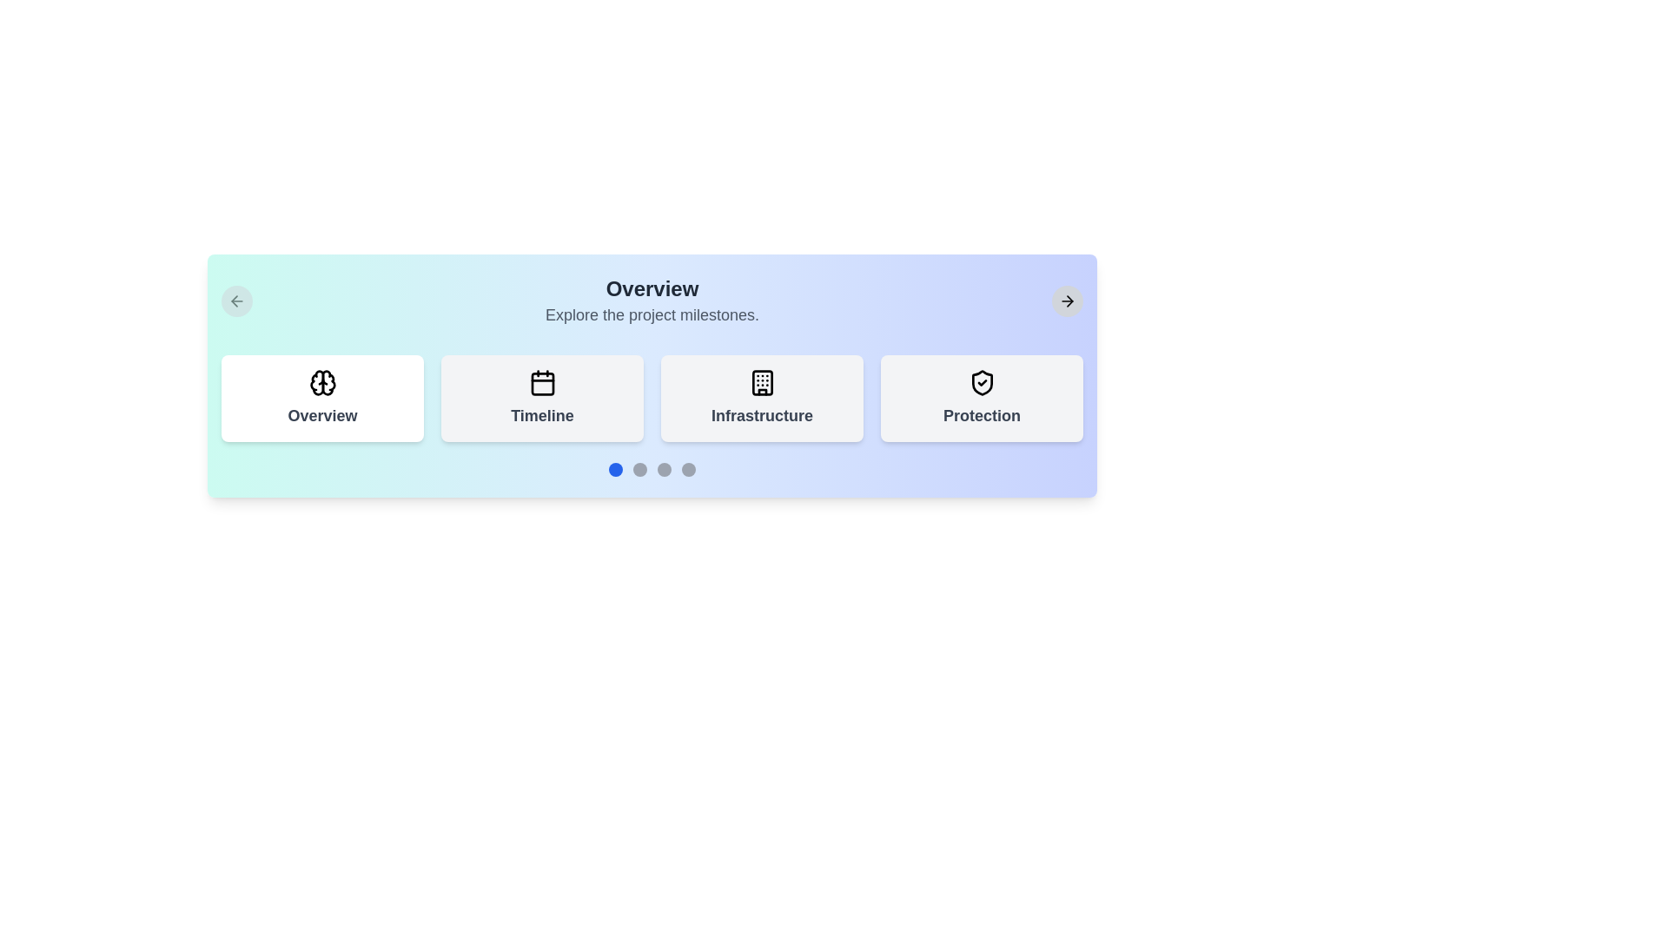  What do you see at coordinates (762, 399) in the screenshot?
I see `the 'Infrastructure' card, which is the third card in a row of four` at bounding box center [762, 399].